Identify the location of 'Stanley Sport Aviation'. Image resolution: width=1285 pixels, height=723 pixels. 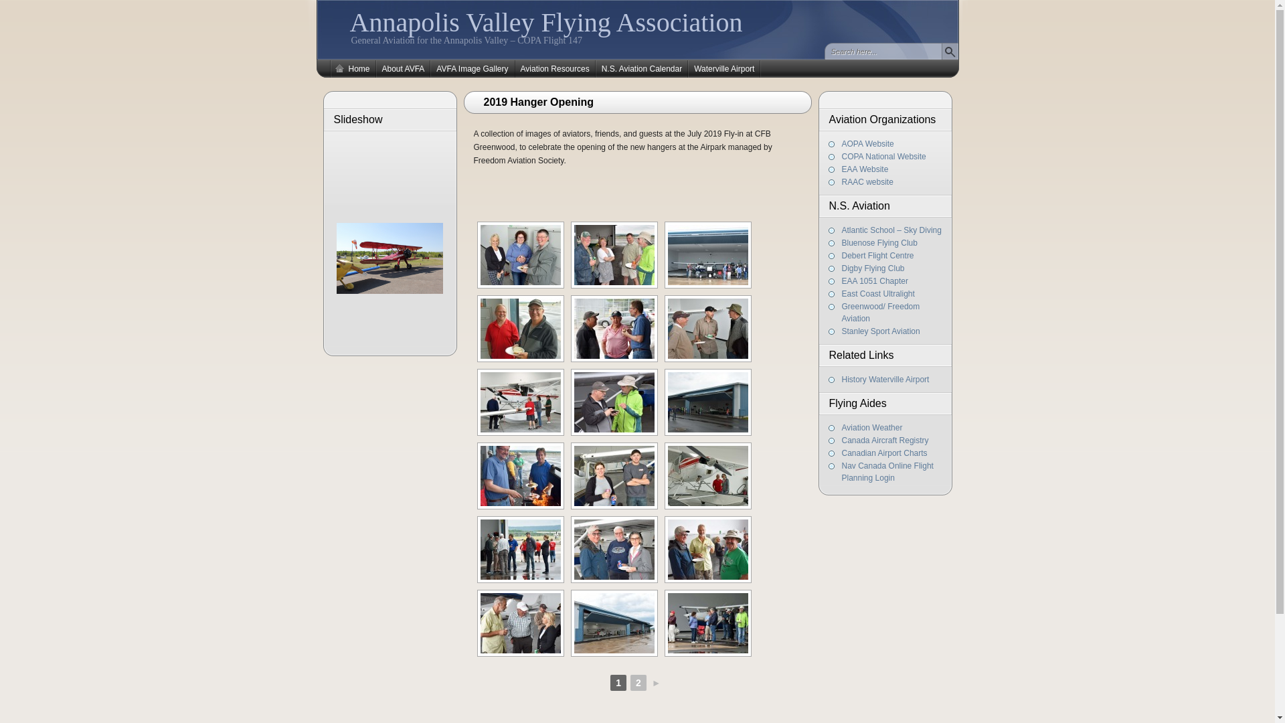
(841, 331).